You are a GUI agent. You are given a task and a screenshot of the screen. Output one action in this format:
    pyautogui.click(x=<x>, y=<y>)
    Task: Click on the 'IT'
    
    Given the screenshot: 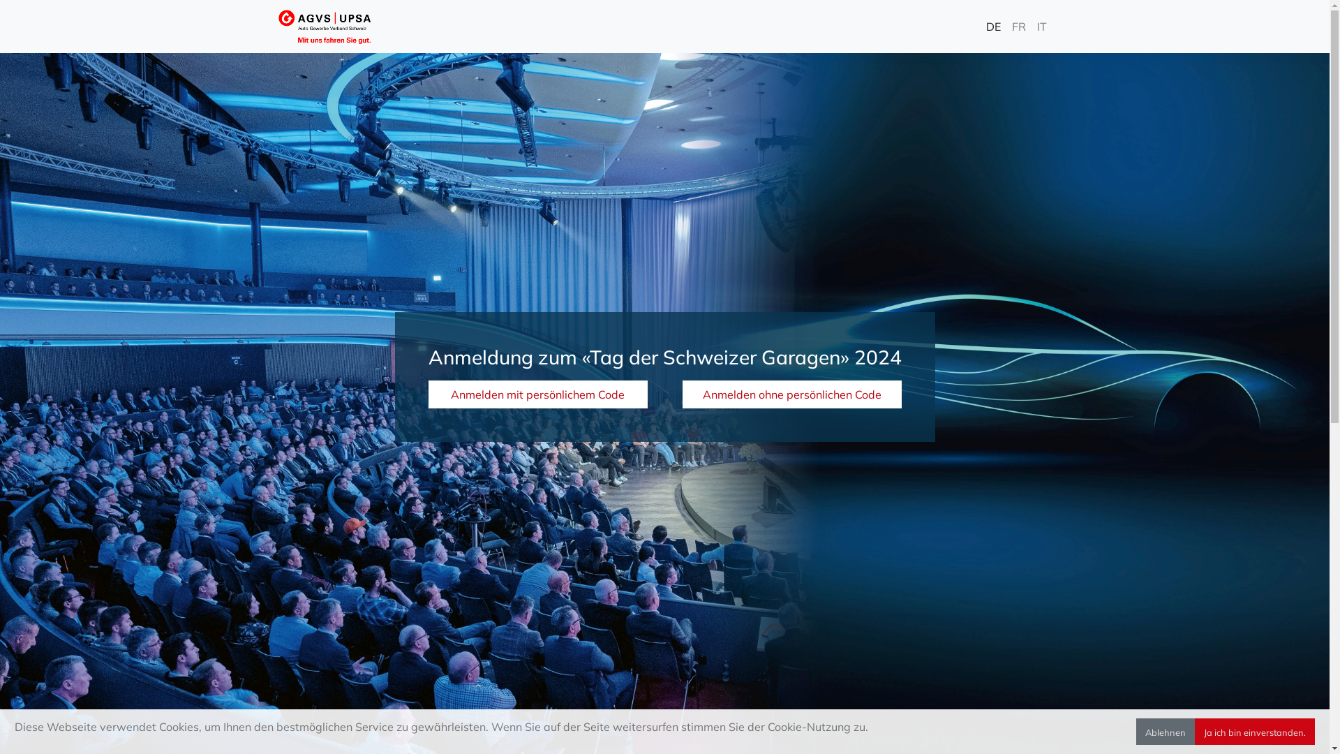 What is the action you would take?
    pyautogui.click(x=1041, y=27)
    